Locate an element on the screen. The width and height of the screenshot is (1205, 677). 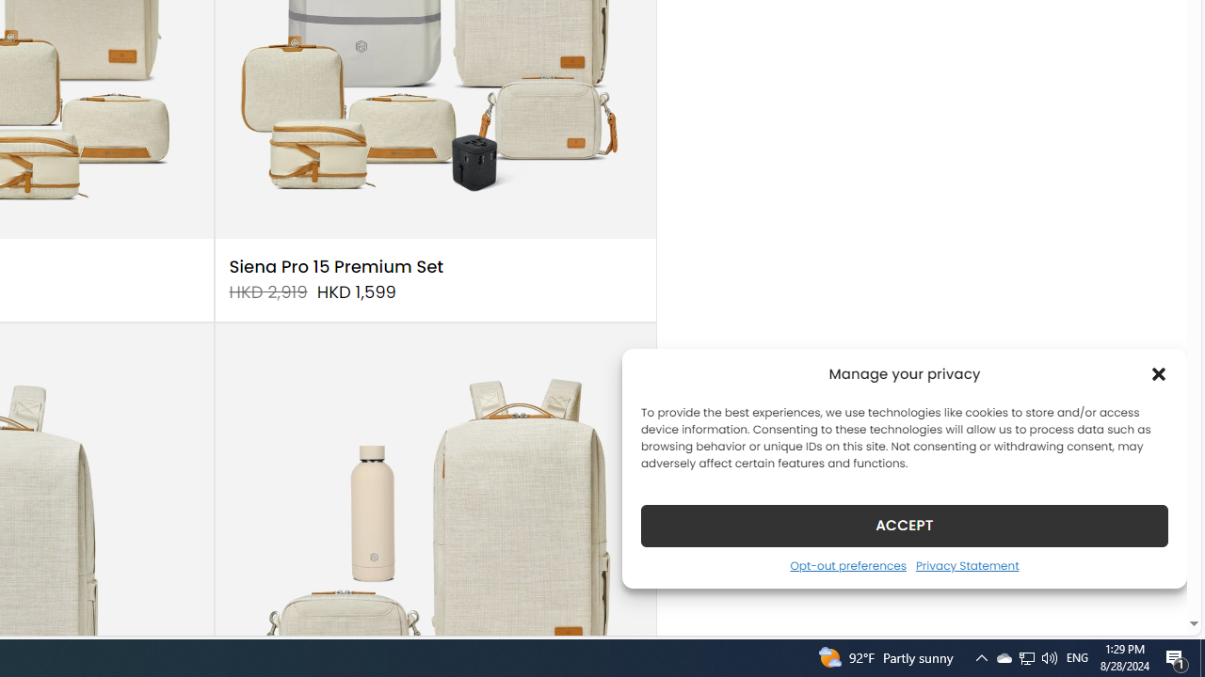
'ACCEPT' is located at coordinates (905, 525).